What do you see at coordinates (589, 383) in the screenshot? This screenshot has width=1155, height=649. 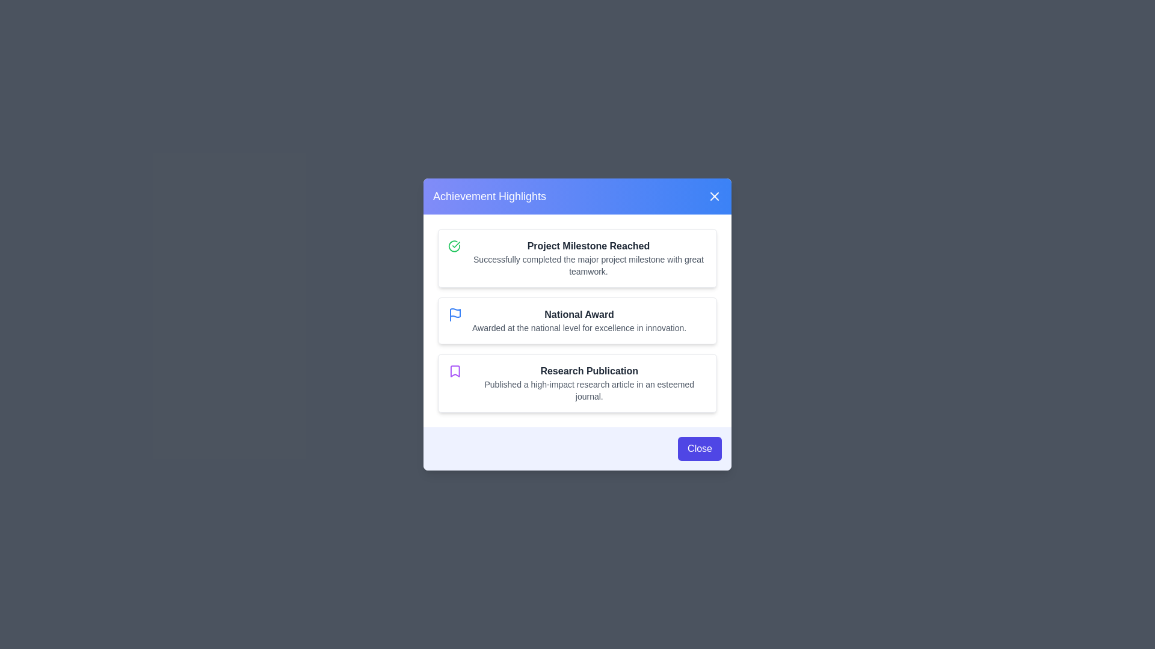 I see `information presented in the informational text block titled 'Research Publication' located in the 'Achievement Highlights' modal, which describes a published high-impact research article` at bounding box center [589, 383].